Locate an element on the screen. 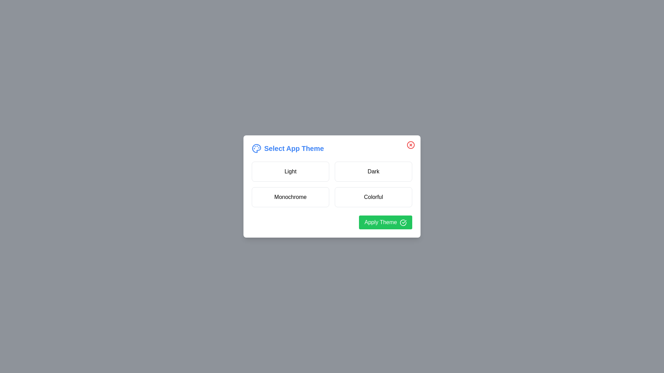  the close button to close the dialog is located at coordinates (411, 145).